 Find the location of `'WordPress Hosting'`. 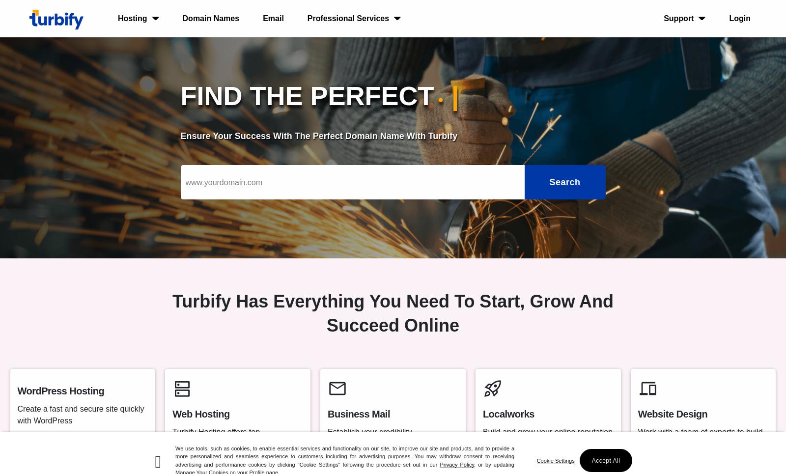

'WordPress Hosting' is located at coordinates (60, 391).